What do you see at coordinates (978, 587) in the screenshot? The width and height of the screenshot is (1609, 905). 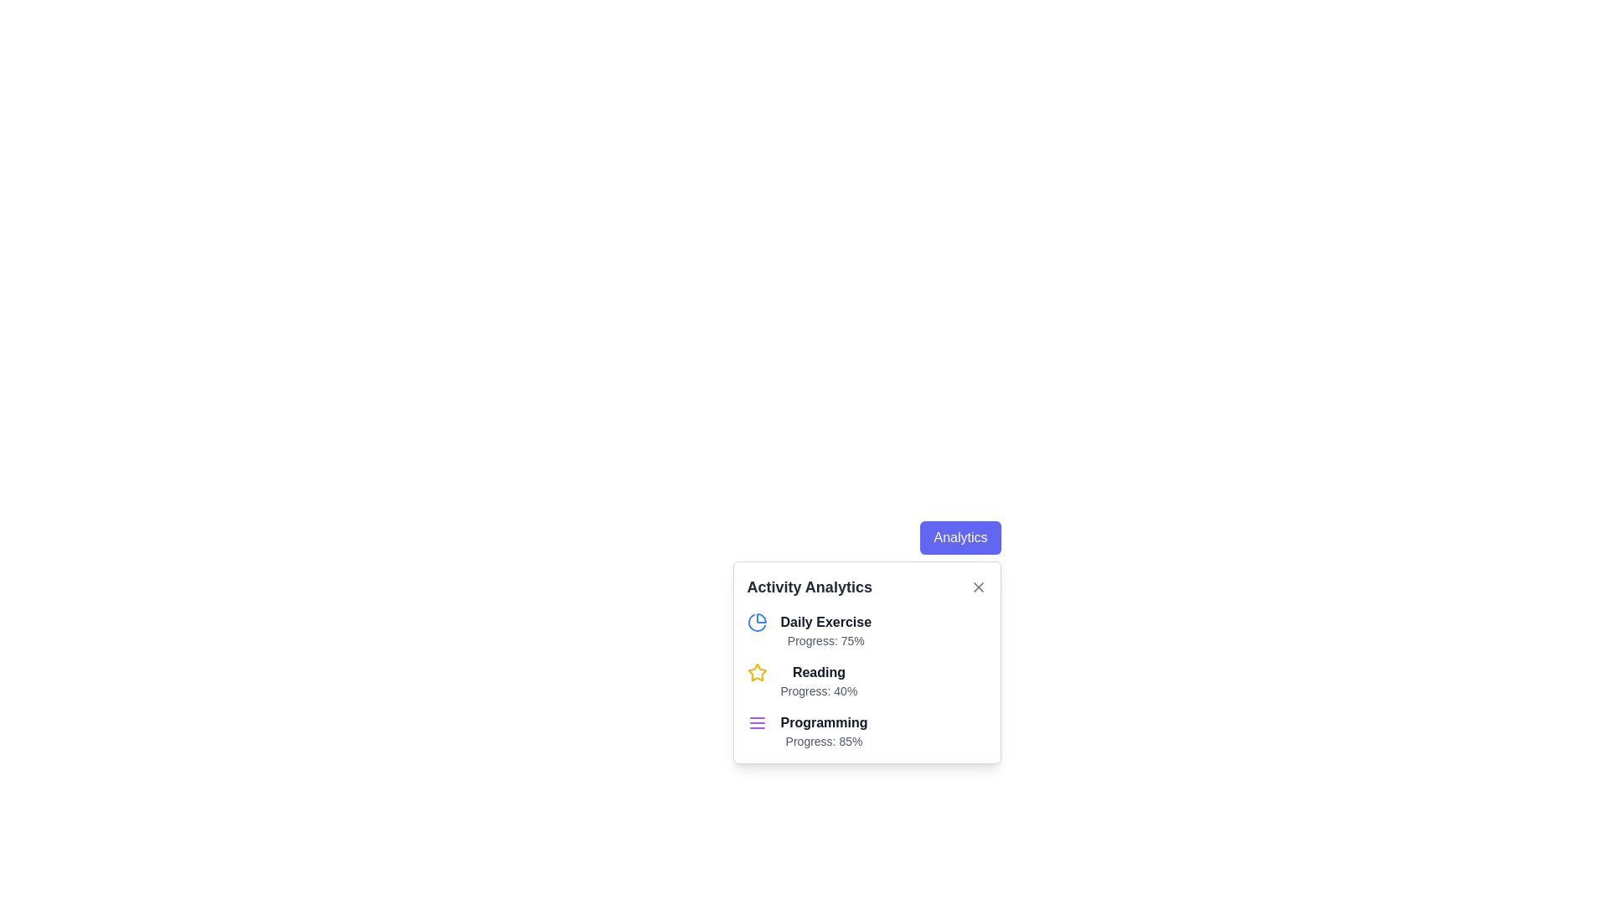 I see `the close button located at the top-right corner of the 'Activity Analytics' panel` at bounding box center [978, 587].